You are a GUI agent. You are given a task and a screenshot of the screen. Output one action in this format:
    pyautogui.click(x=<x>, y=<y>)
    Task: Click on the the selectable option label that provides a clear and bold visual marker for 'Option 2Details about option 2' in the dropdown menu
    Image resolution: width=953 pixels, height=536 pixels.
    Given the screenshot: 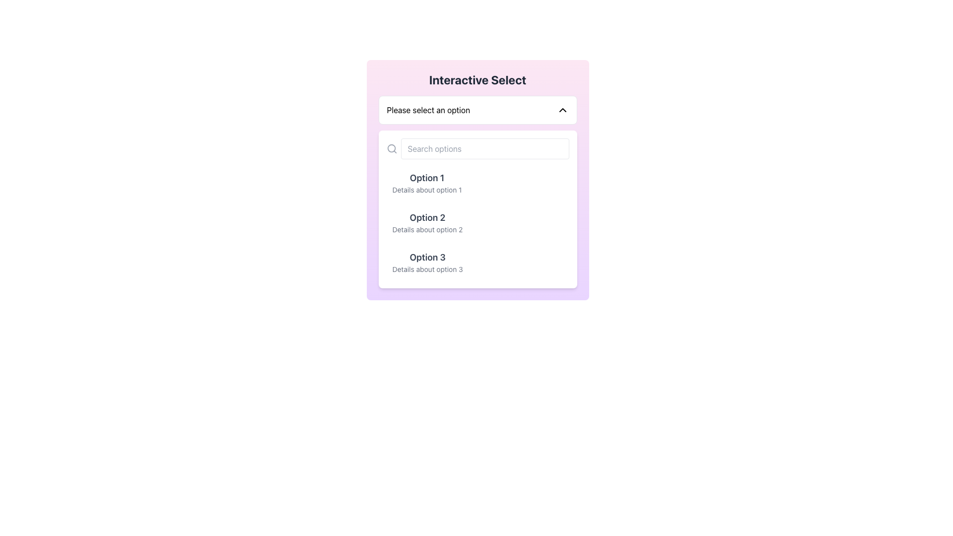 What is the action you would take?
    pyautogui.click(x=427, y=217)
    